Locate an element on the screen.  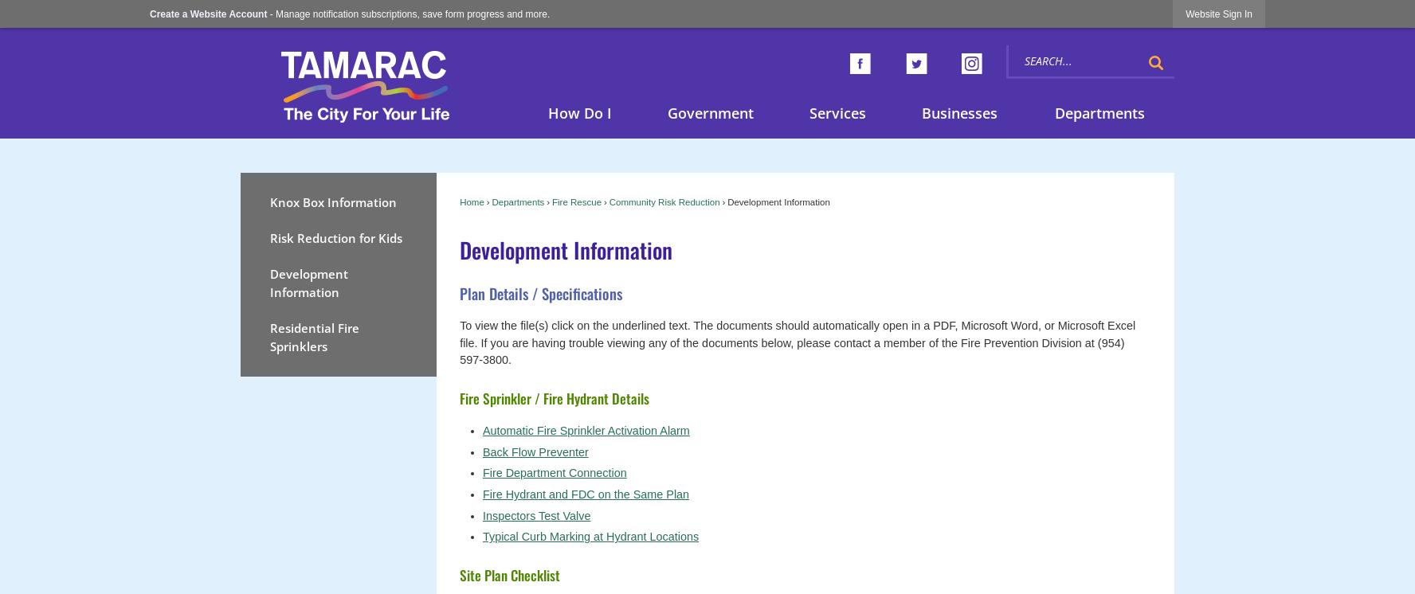
'Site Plan Checklist' is located at coordinates (509, 573).